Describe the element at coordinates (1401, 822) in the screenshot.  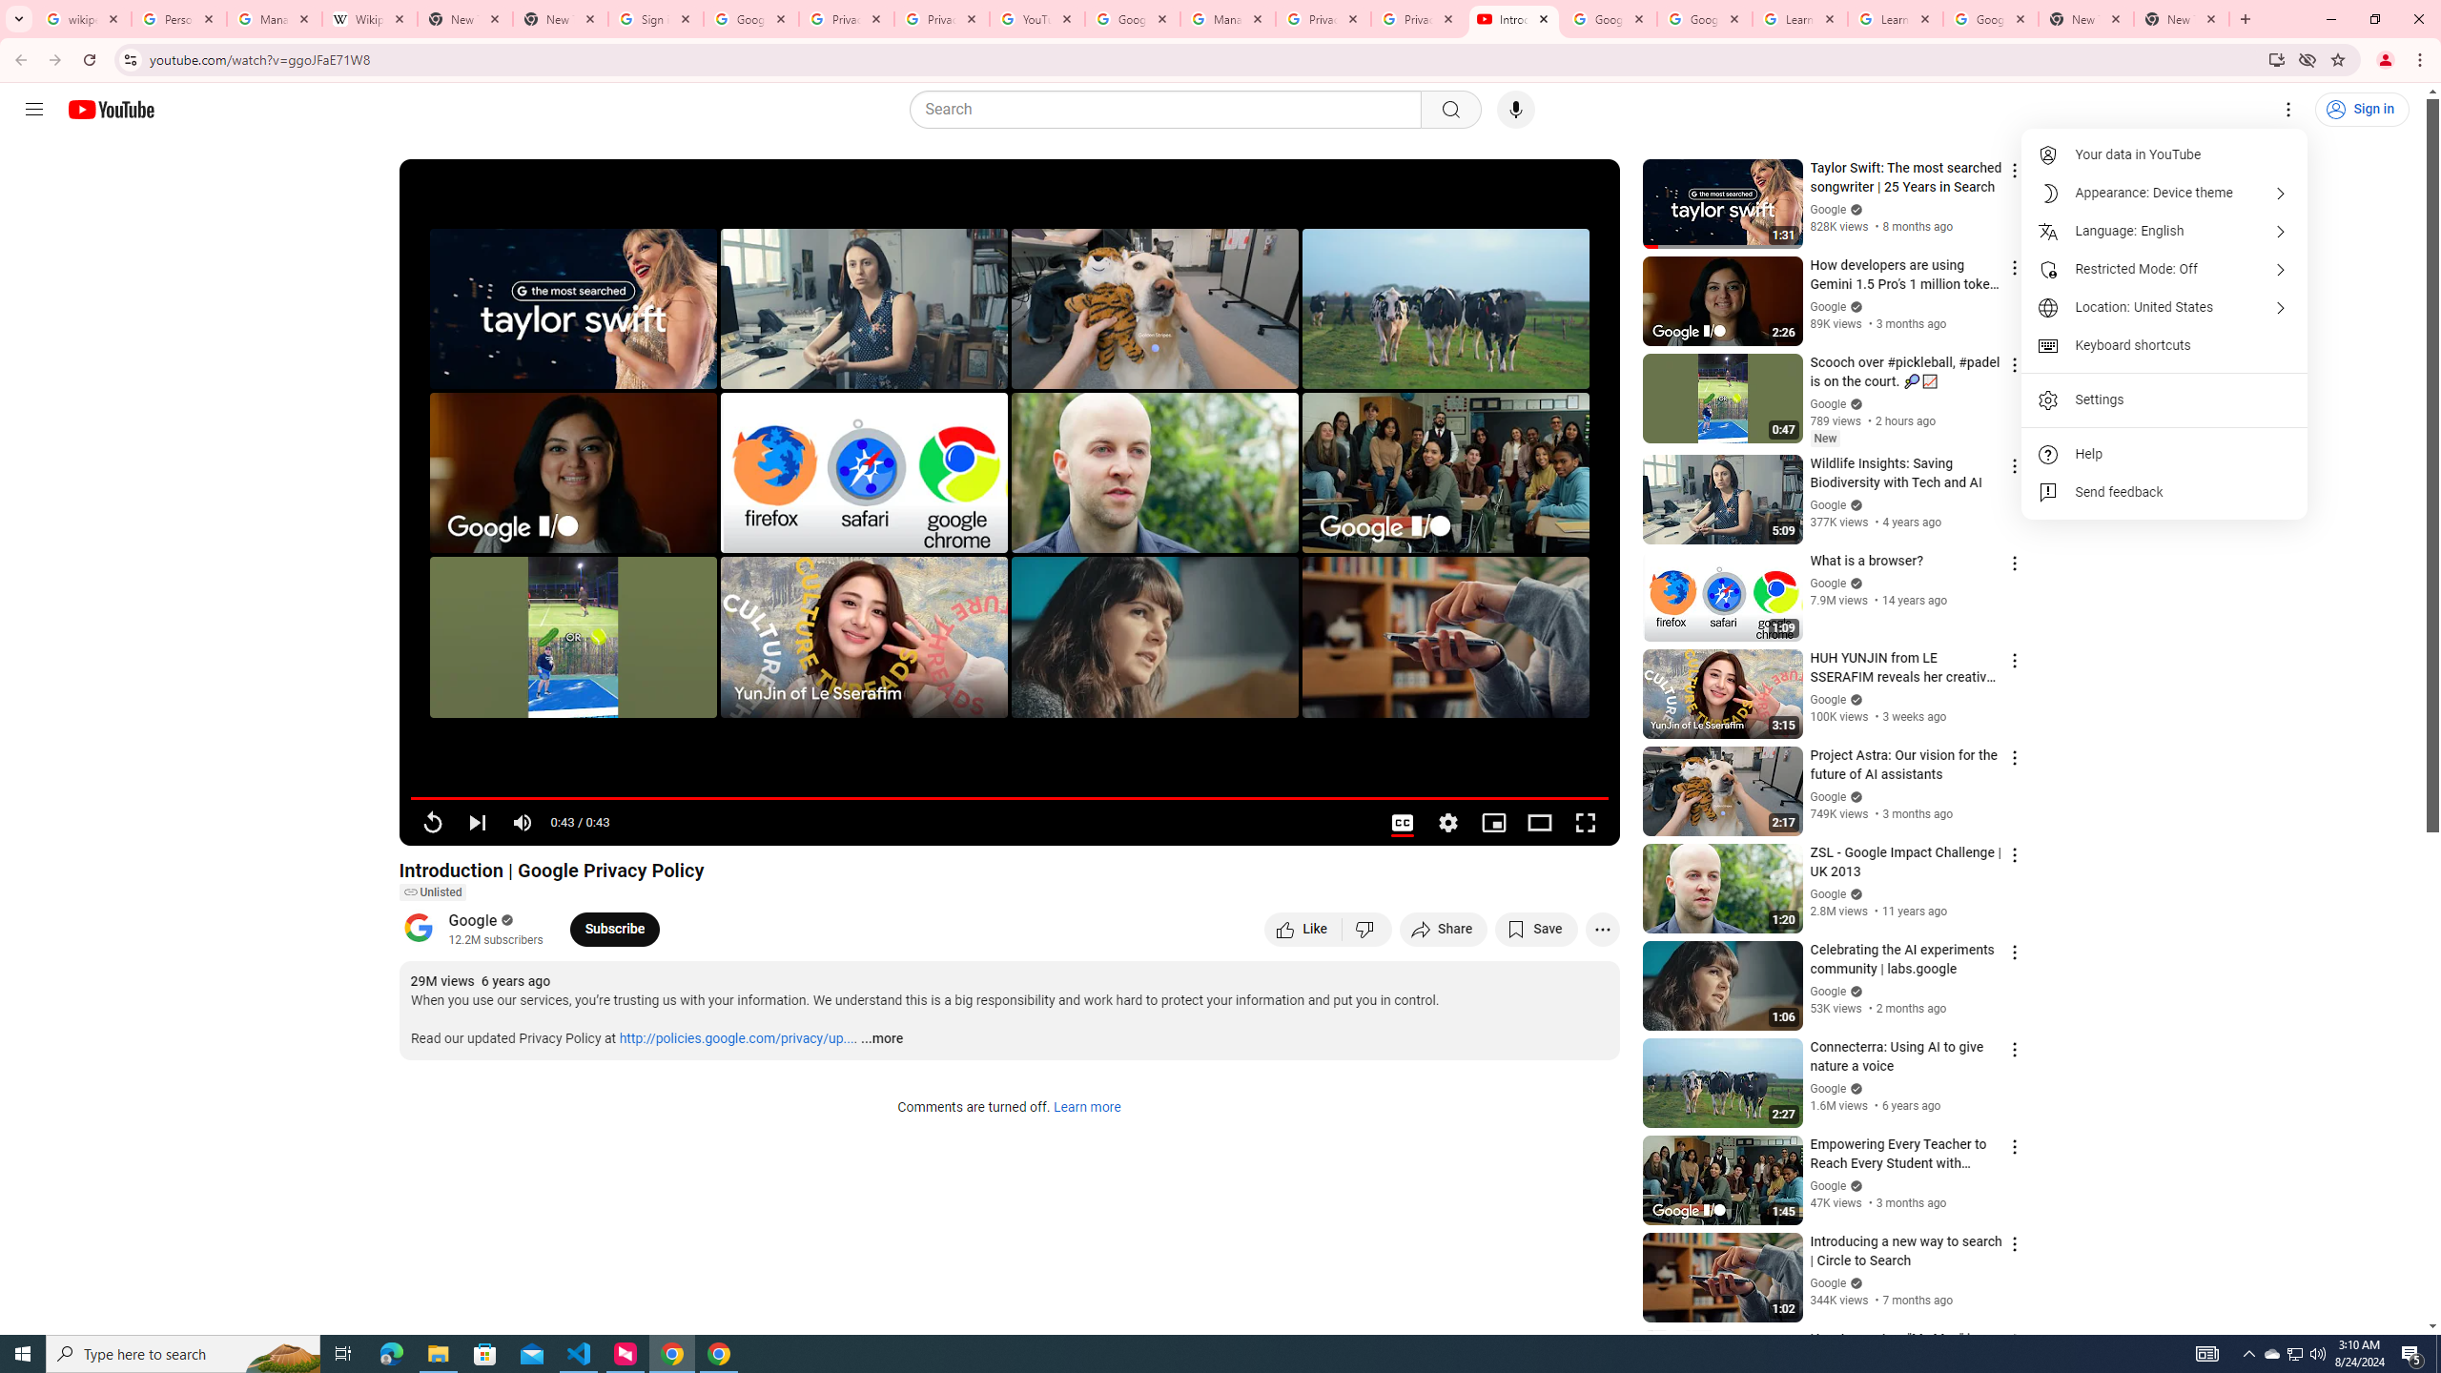
I see `'Subtitles/closed captions unavailable'` at that location.